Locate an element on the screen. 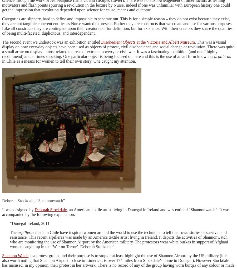  'The' is located at coordinates (13, 232).